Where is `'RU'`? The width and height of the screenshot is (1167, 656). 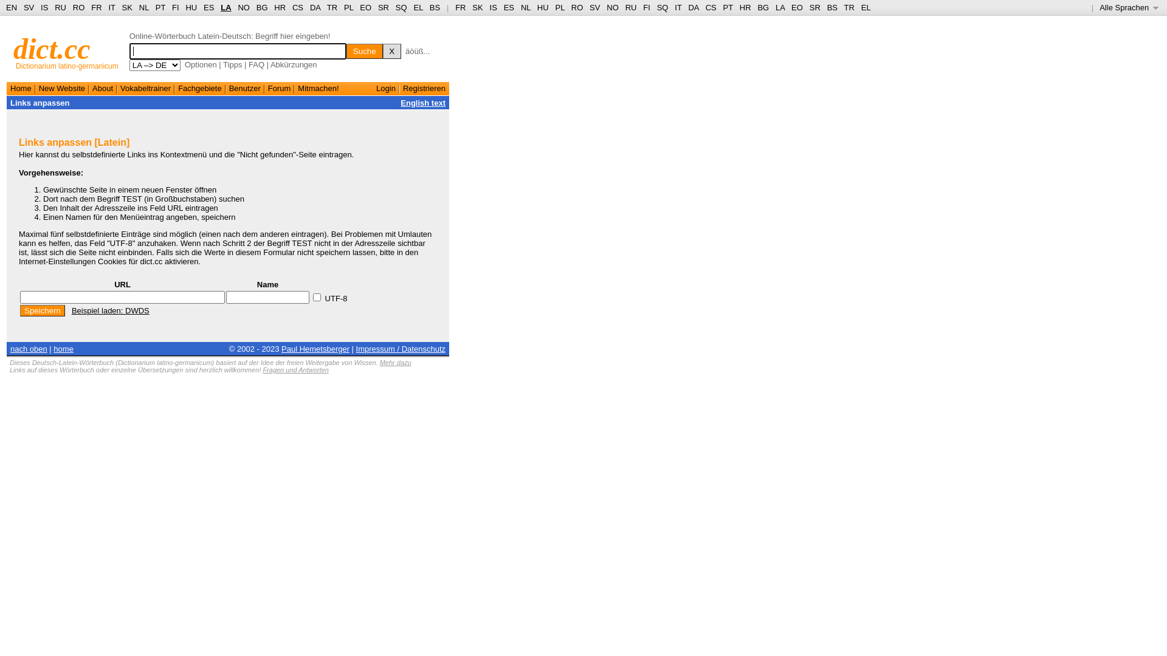 'RU' is located at coordinates (60, 7).